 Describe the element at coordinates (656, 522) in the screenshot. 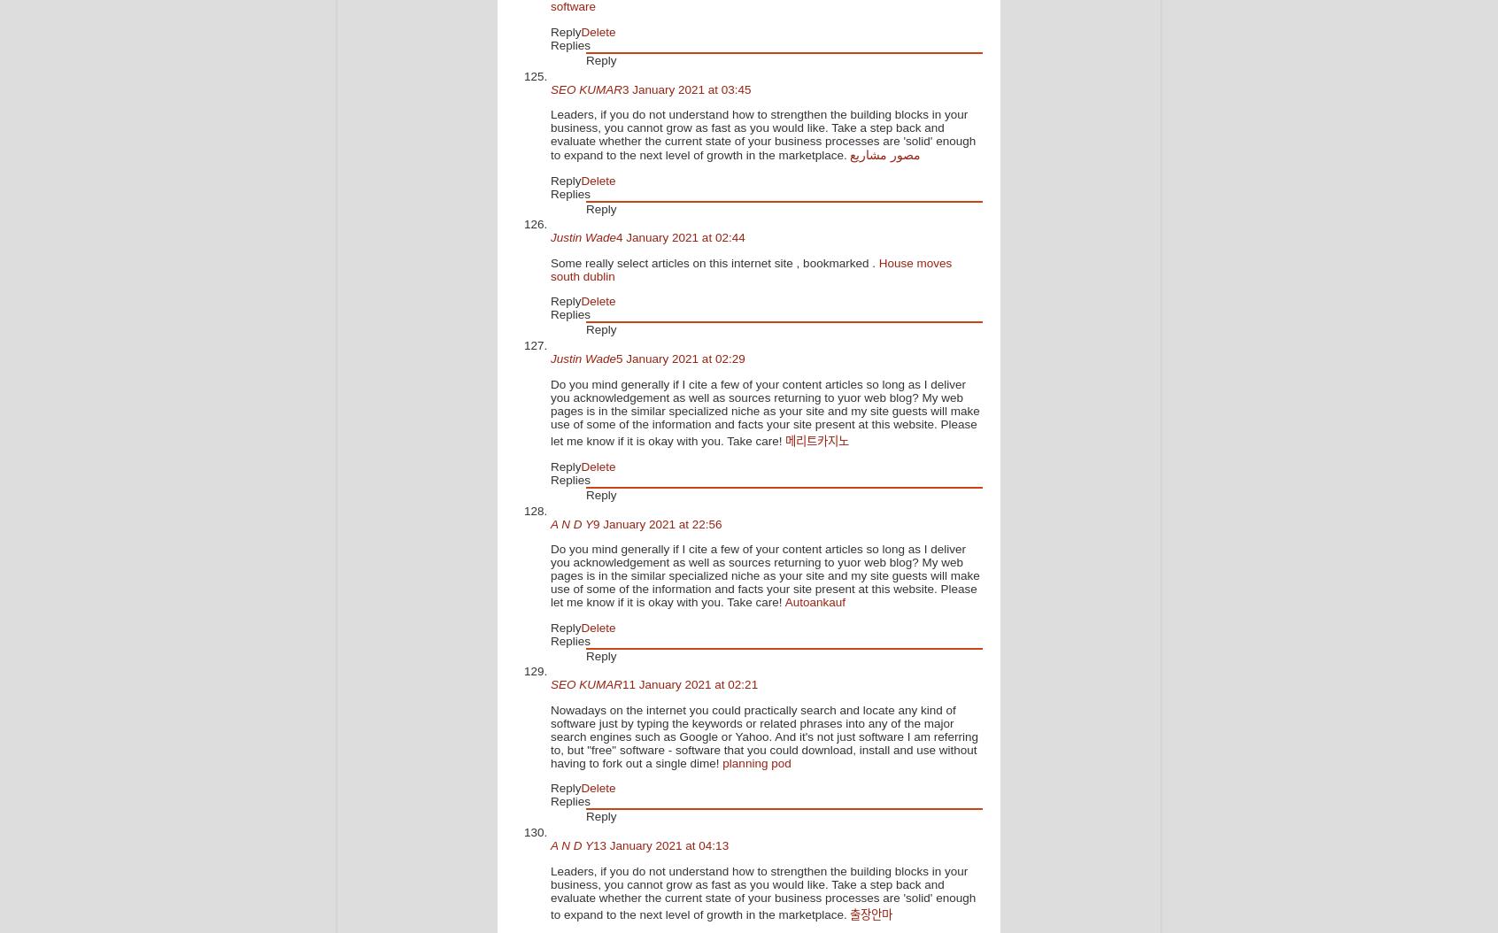

I see `'9 January 2021 at 22:56'` at that location.